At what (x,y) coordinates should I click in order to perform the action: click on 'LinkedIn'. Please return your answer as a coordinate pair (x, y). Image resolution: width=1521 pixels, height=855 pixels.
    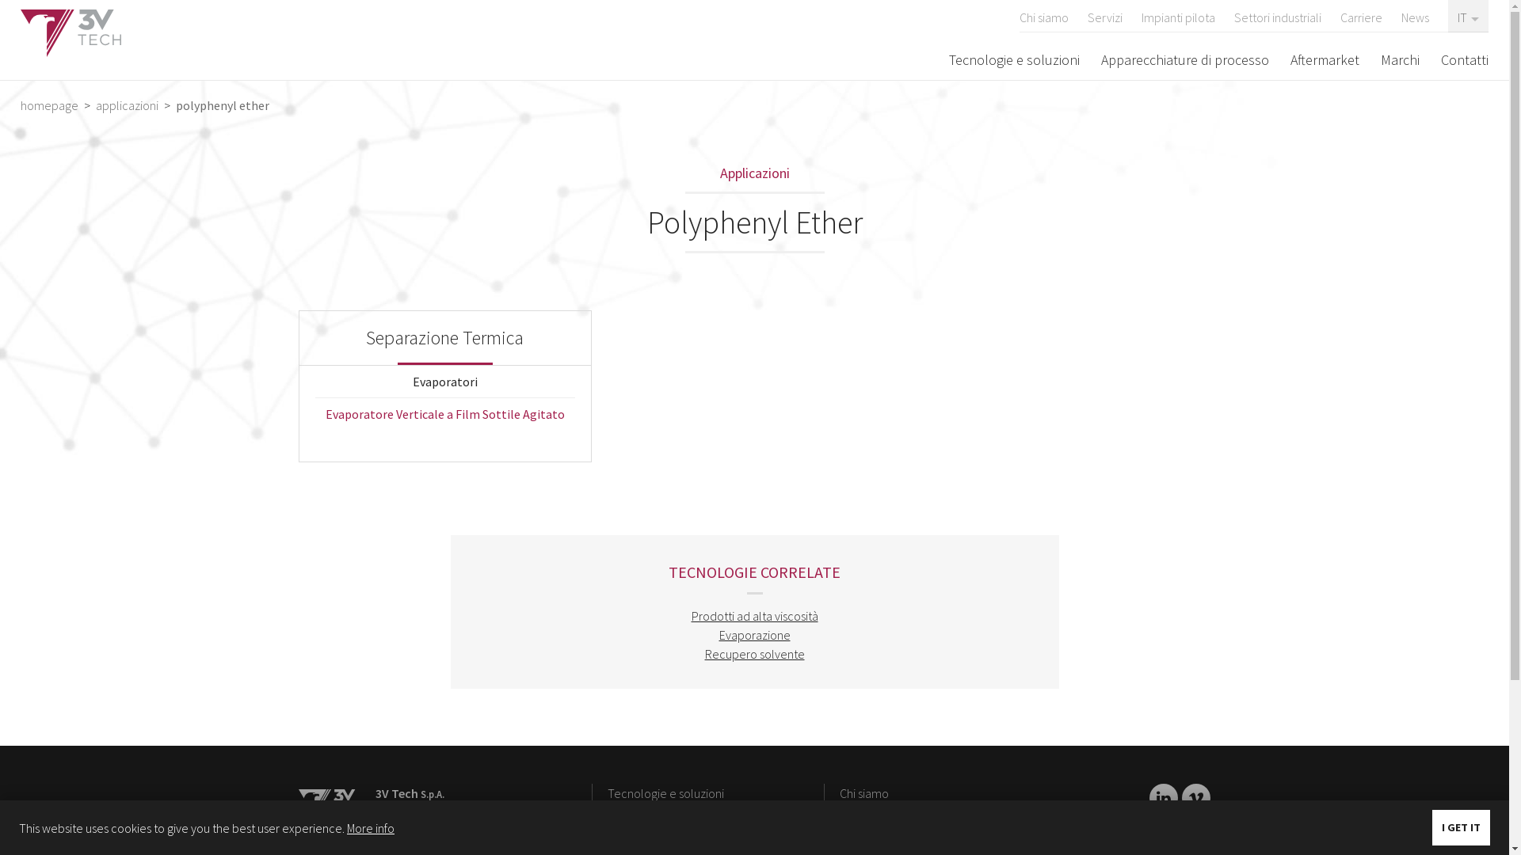
    Looking at the image, I should click on (1163, 797).